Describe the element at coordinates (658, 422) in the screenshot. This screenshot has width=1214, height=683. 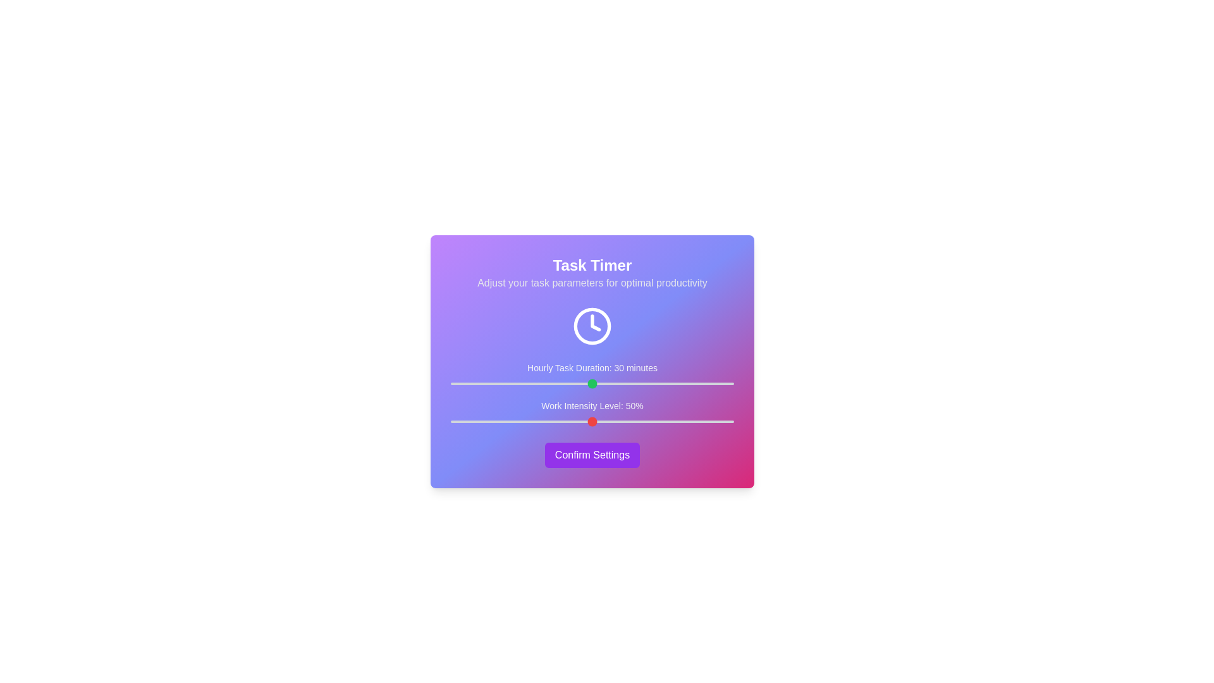
I see `the work intensity level to 73% by interacting with the slider` at that location.